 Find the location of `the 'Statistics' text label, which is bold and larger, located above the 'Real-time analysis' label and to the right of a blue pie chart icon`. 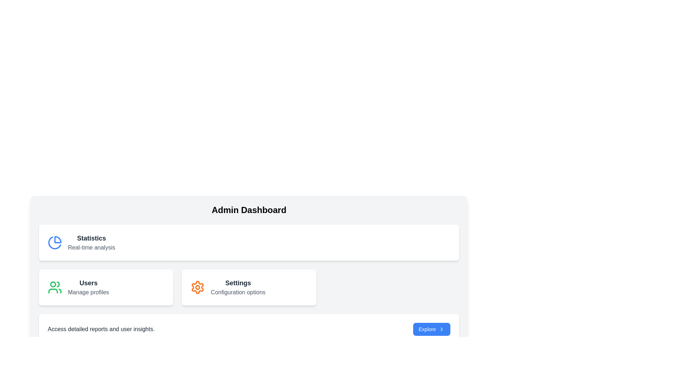

the 'Statistics' text label, which is bold and larger, located above the 'Real-time analysis' label and to the right of a blue pie chart icon is located at coordinates (91, 238).